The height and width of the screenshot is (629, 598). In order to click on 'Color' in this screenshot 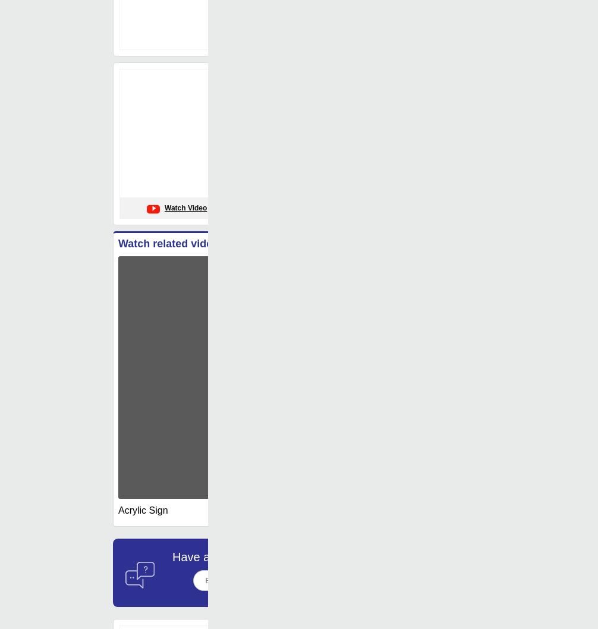, I will do `click(292, 192)`.